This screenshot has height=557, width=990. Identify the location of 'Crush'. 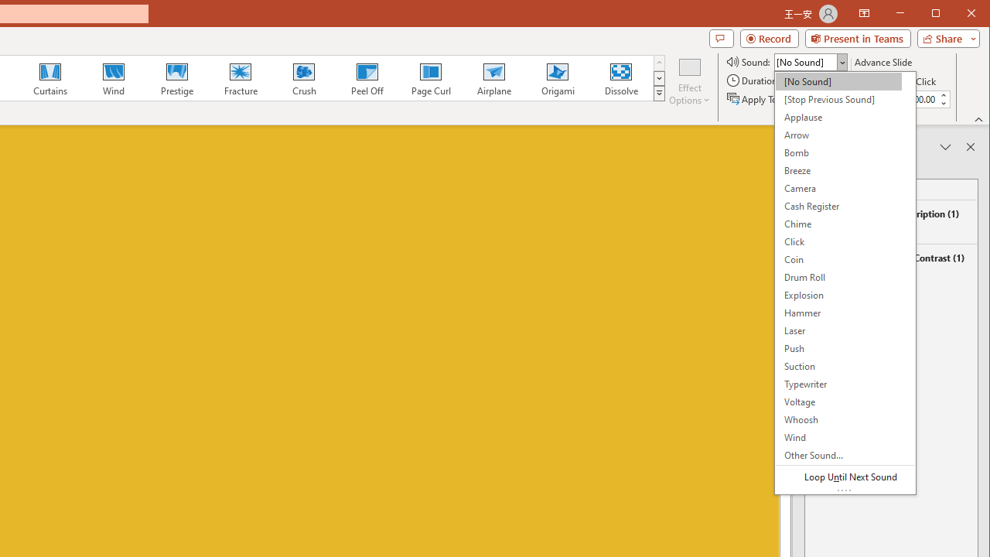
(303, 77).